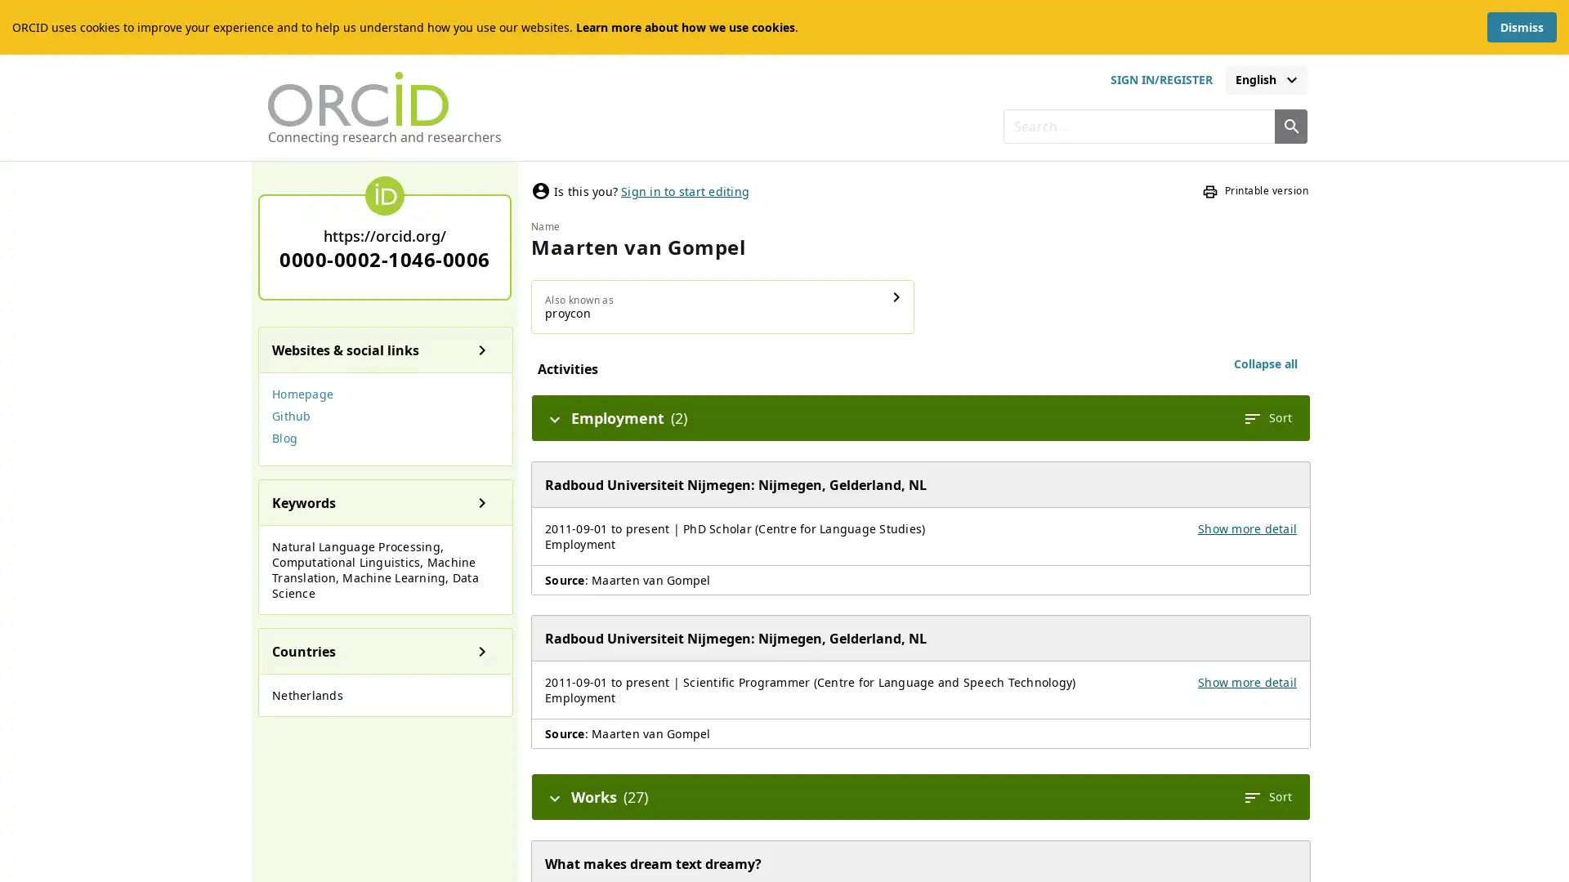  What do you see at coordinates (1521, 27) in the screenshot?
I see `Dismiss` at bounding box center [1521, 27].